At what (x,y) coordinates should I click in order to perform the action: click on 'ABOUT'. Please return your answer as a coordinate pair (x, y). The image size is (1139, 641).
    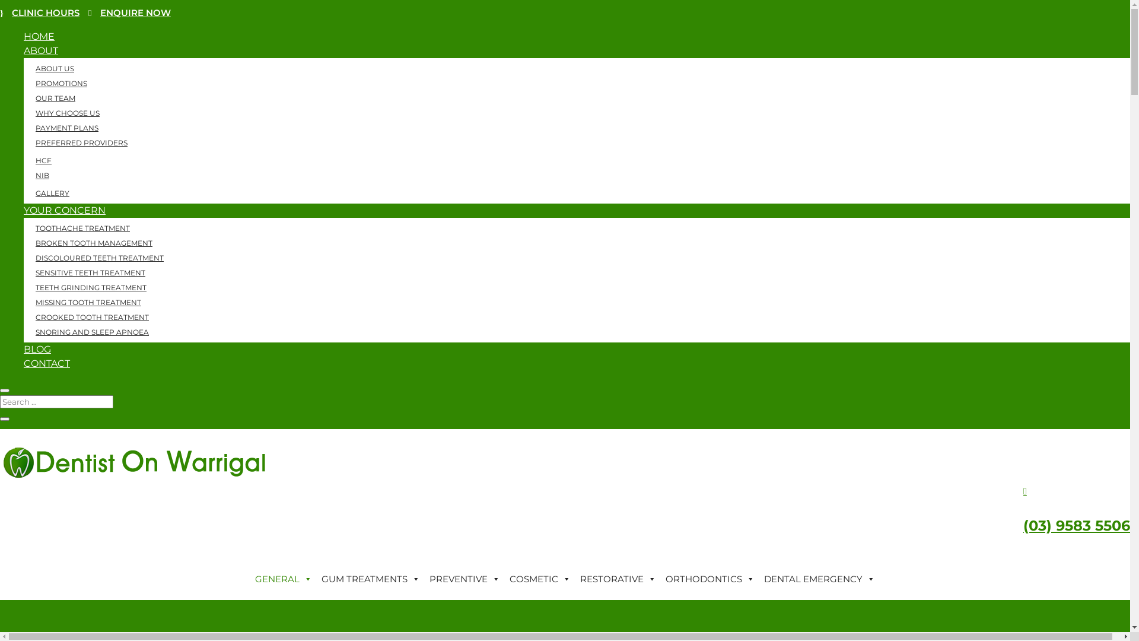
    Looking at the image, I should click on (40, 50).